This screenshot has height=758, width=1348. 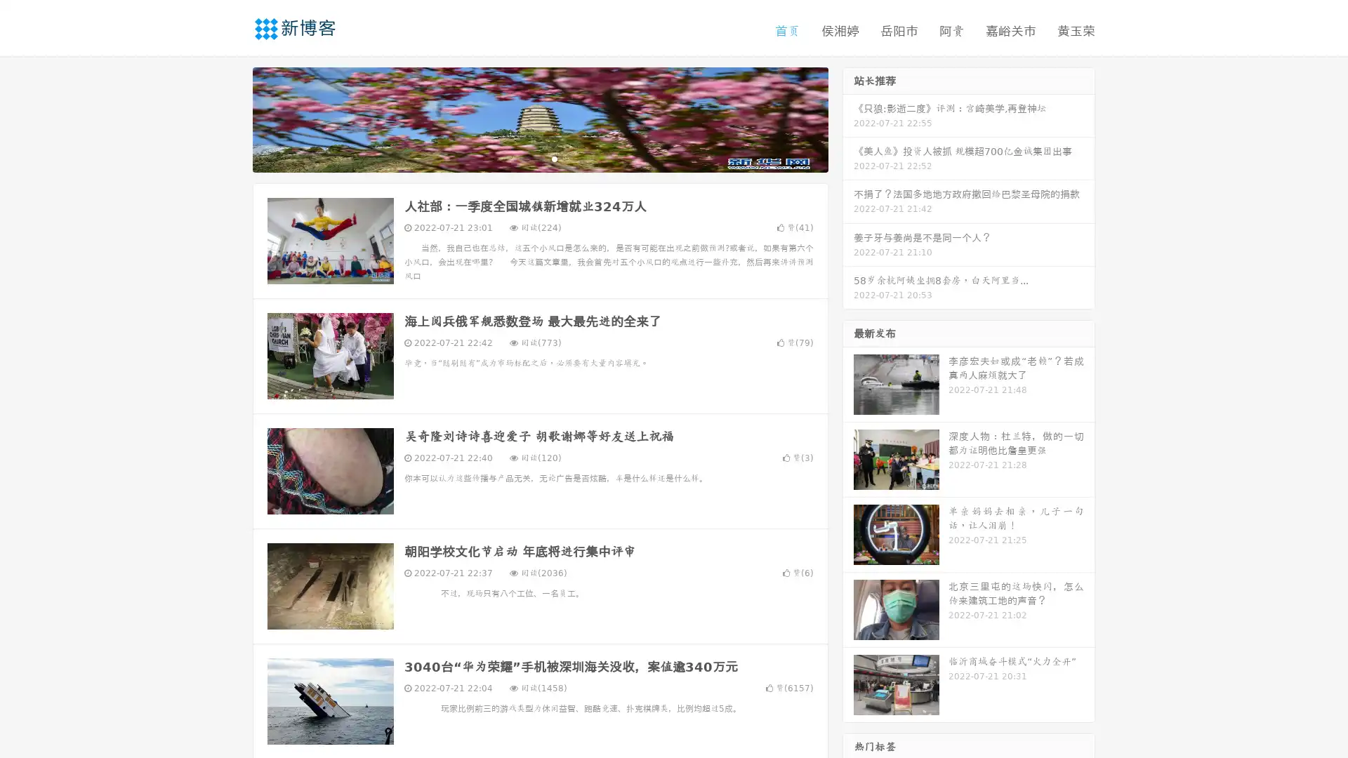 I want to click on Go to slide 3, so click(x=554, y=158).